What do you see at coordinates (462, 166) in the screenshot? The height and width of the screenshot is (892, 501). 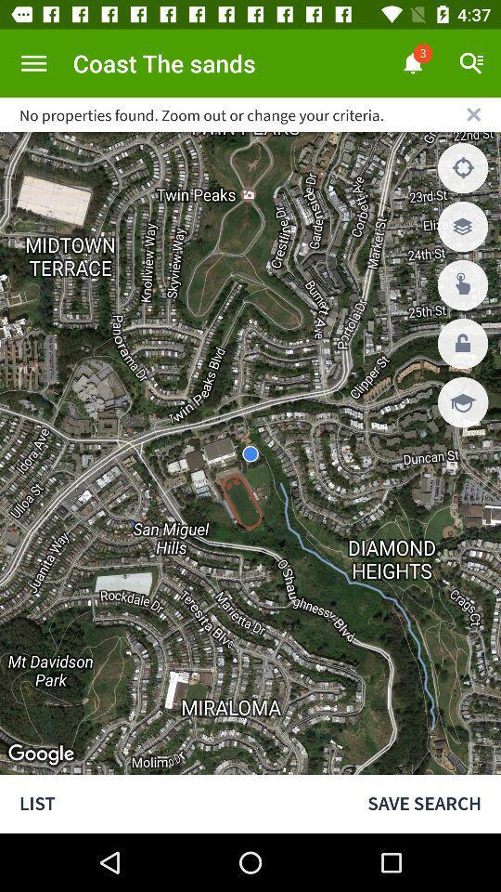 I see `the location icon to the right of the page` at bounding box center [462, 166].